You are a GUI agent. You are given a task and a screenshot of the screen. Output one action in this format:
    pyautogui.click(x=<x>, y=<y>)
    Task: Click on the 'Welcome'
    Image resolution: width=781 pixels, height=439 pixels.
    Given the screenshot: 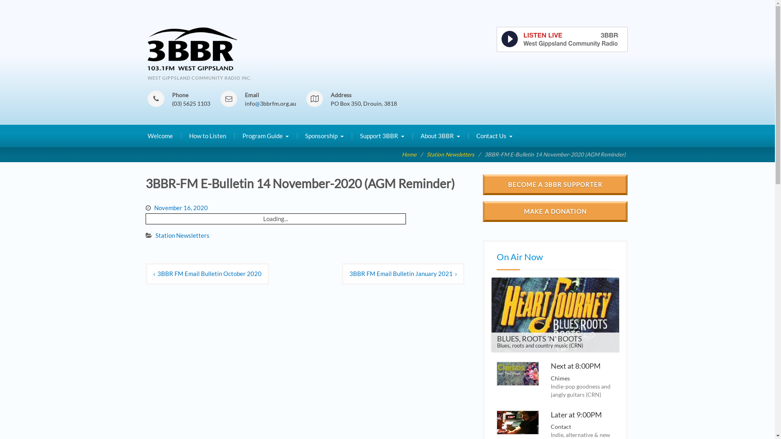 What is the action you would take?
    pyautogui.click(x=160, y=136)
    